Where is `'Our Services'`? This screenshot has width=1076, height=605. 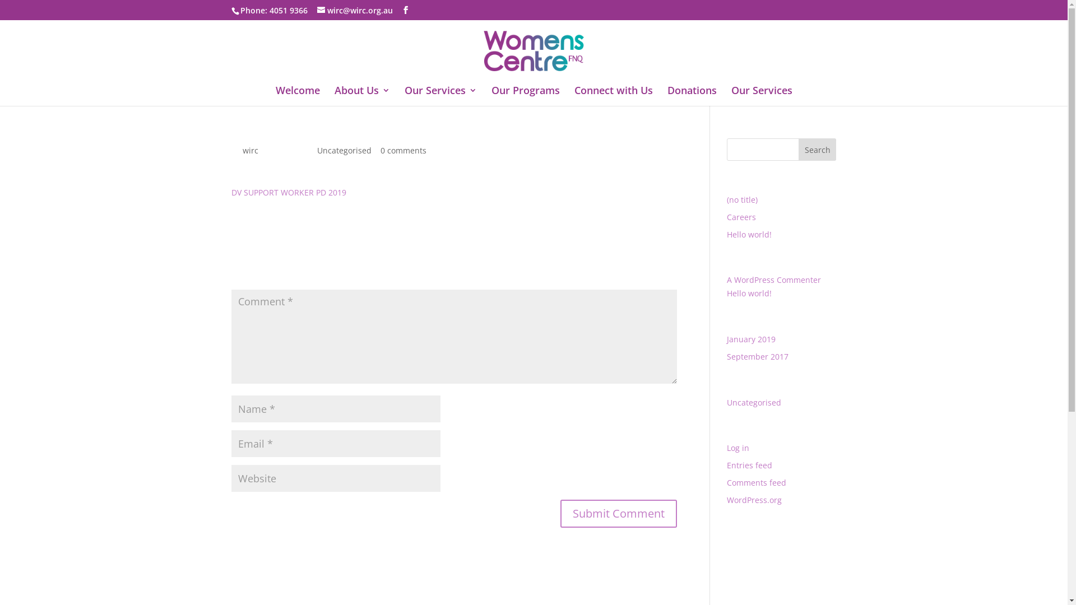 'Our Services' is located at coordinates (403, 95).